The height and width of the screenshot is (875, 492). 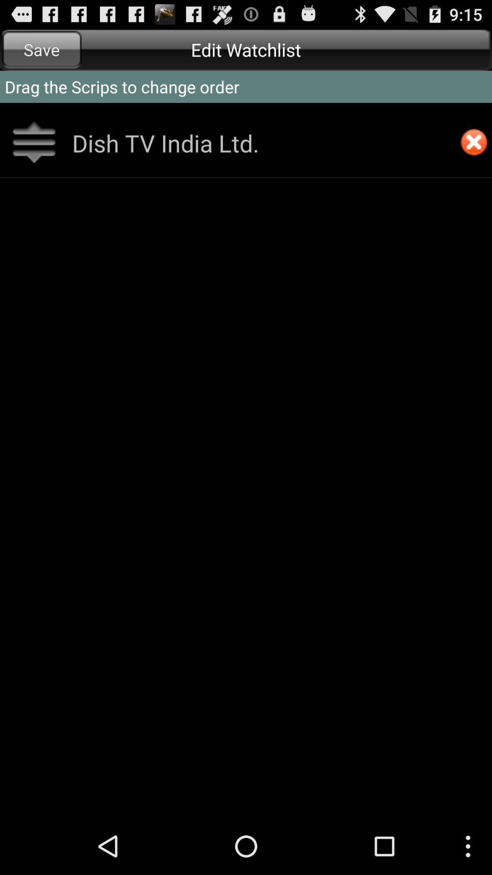 I want to click on item next to the dish tv india app, so click(x=473, y=143).